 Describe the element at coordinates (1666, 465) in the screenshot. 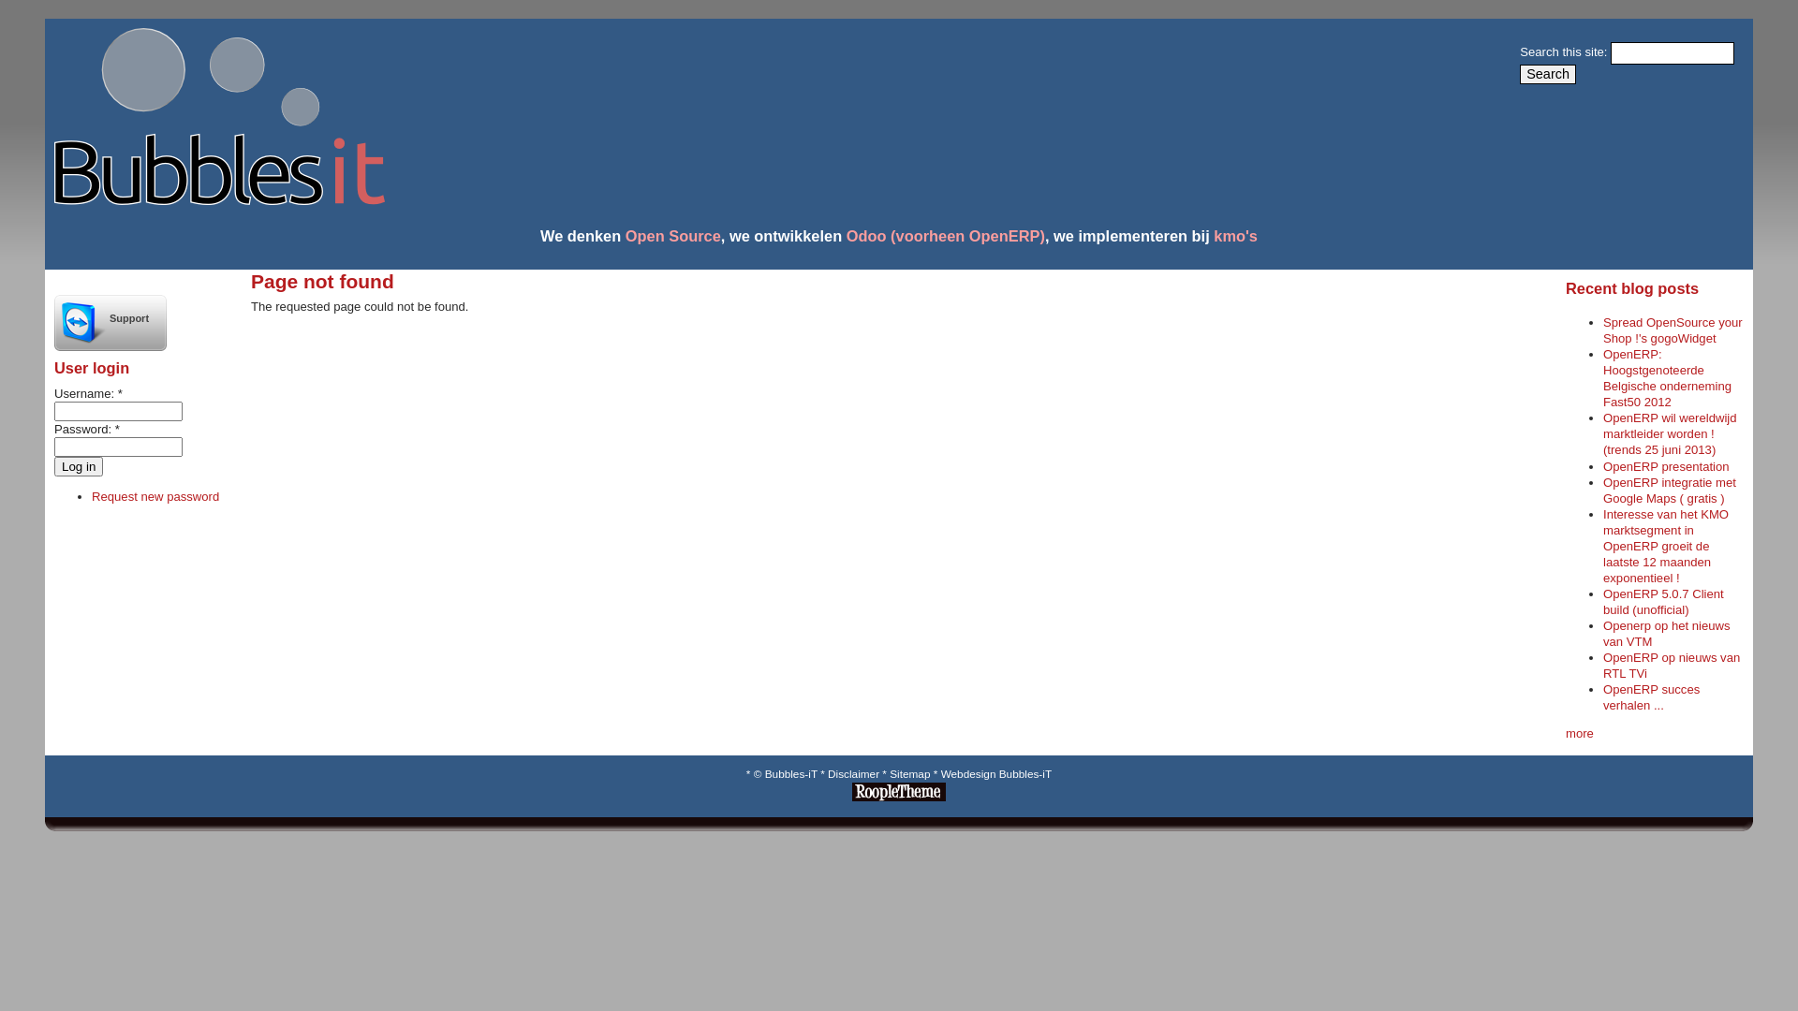

I see `'OpenERP presentation'` at that location.